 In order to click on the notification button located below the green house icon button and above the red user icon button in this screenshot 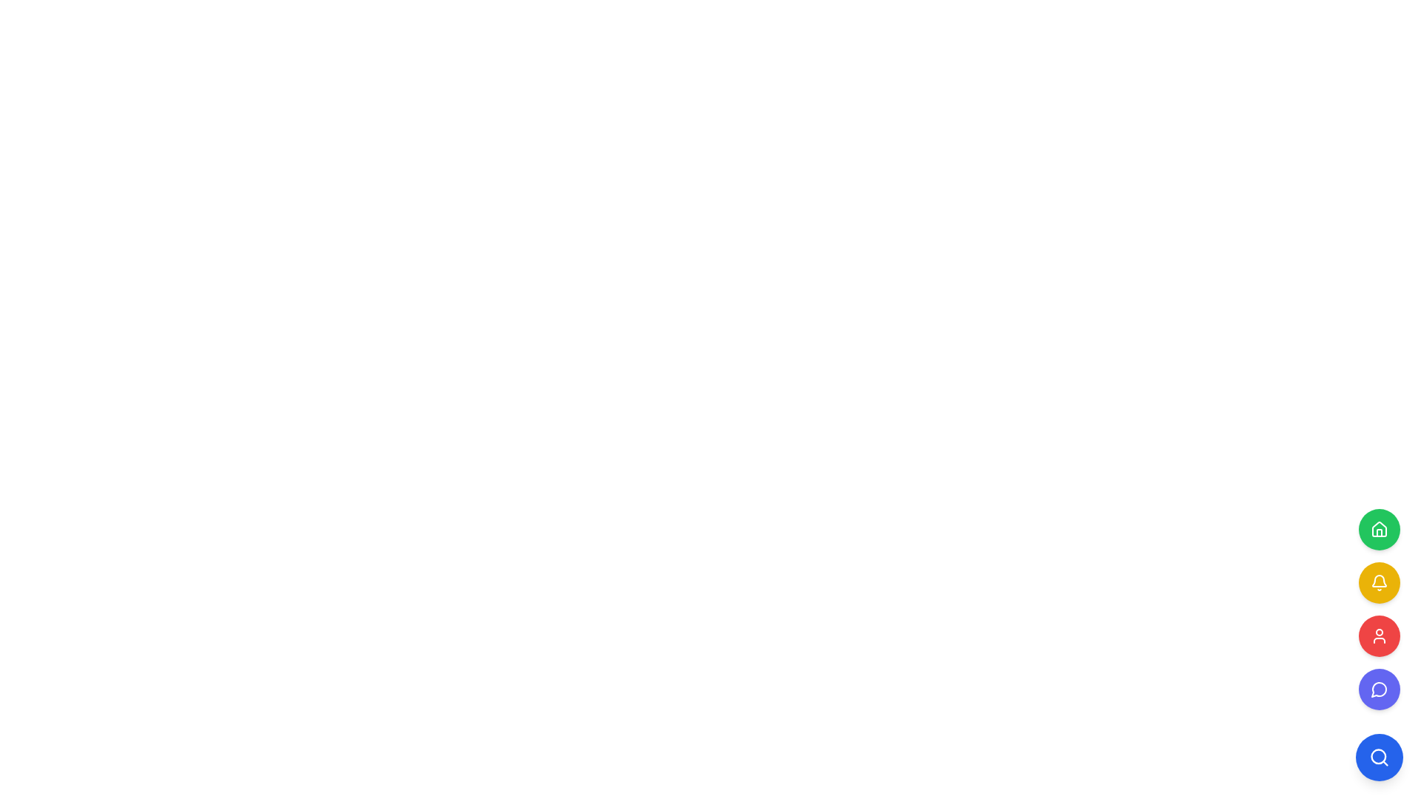, I will do `click(1378, 581)`.